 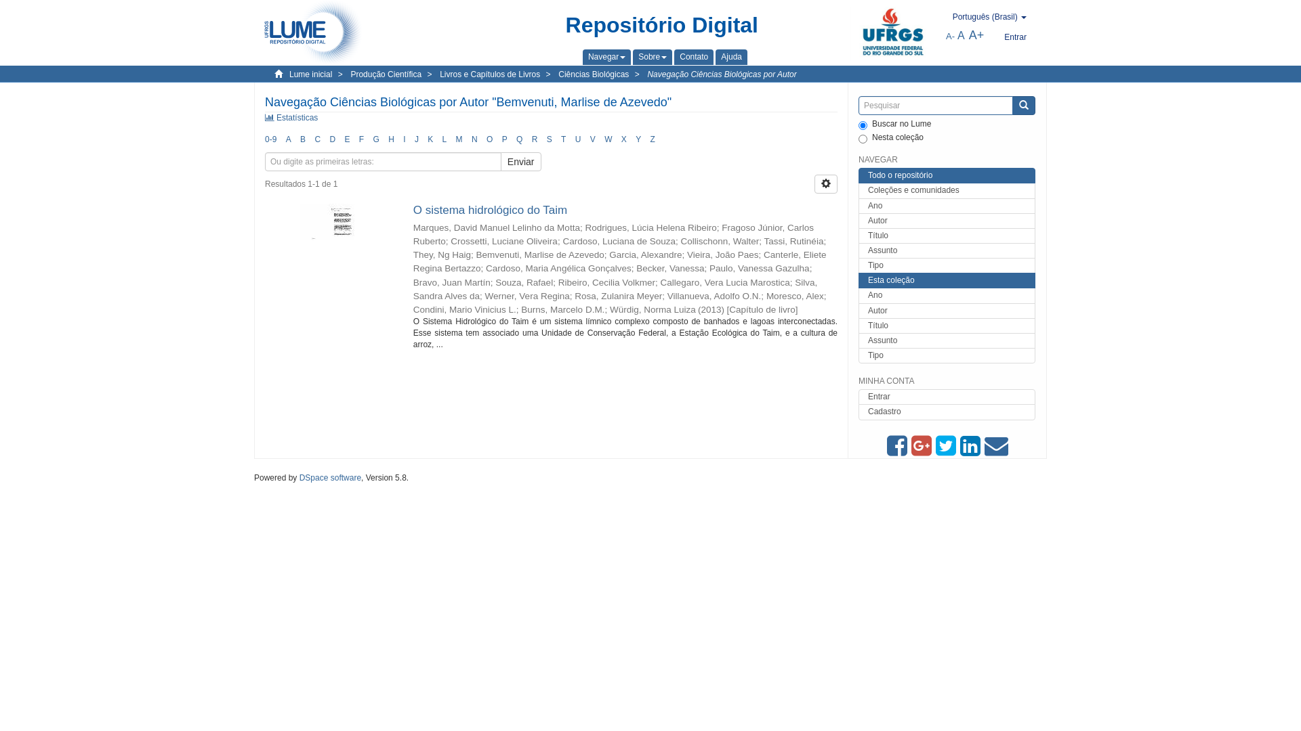 What do you see at coordinates (893, 32) in the screenshot?
I see `'UFRGS'` at bounding box center [893, 32].